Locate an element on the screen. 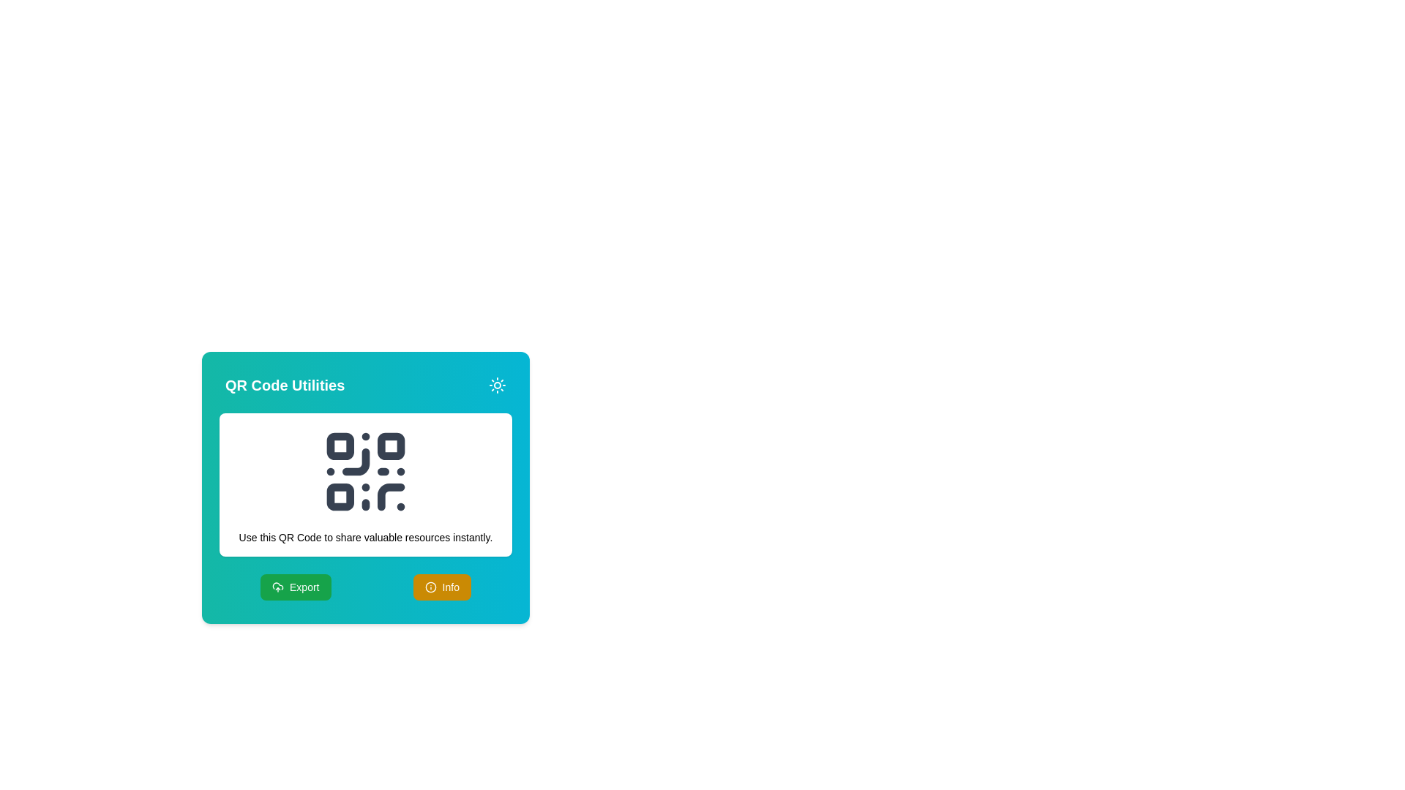 The image size is (1405, 790). the small square with rounded corners located in the upper-right region of the QR code graphic is located at coordinates (391, 445).